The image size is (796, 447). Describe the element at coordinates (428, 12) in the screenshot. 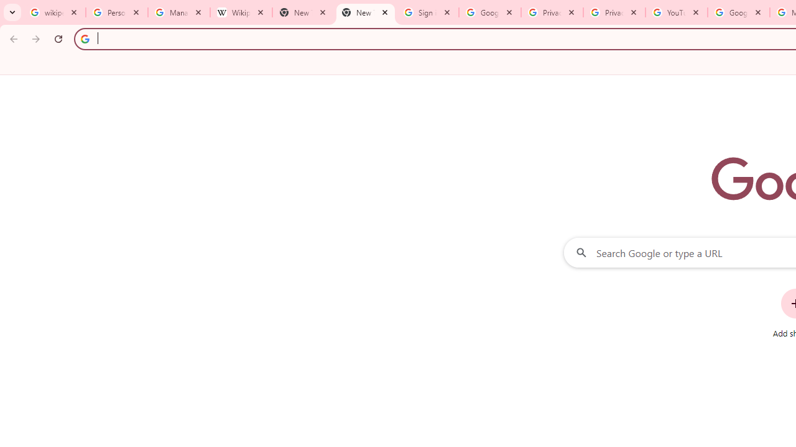

I see `'Sign in - Google Accounts'` at that location.